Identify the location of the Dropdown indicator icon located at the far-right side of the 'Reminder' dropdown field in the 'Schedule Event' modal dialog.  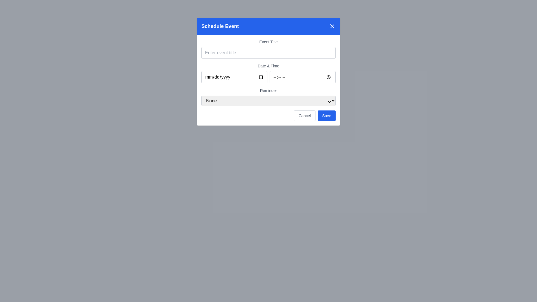
(329, 102).